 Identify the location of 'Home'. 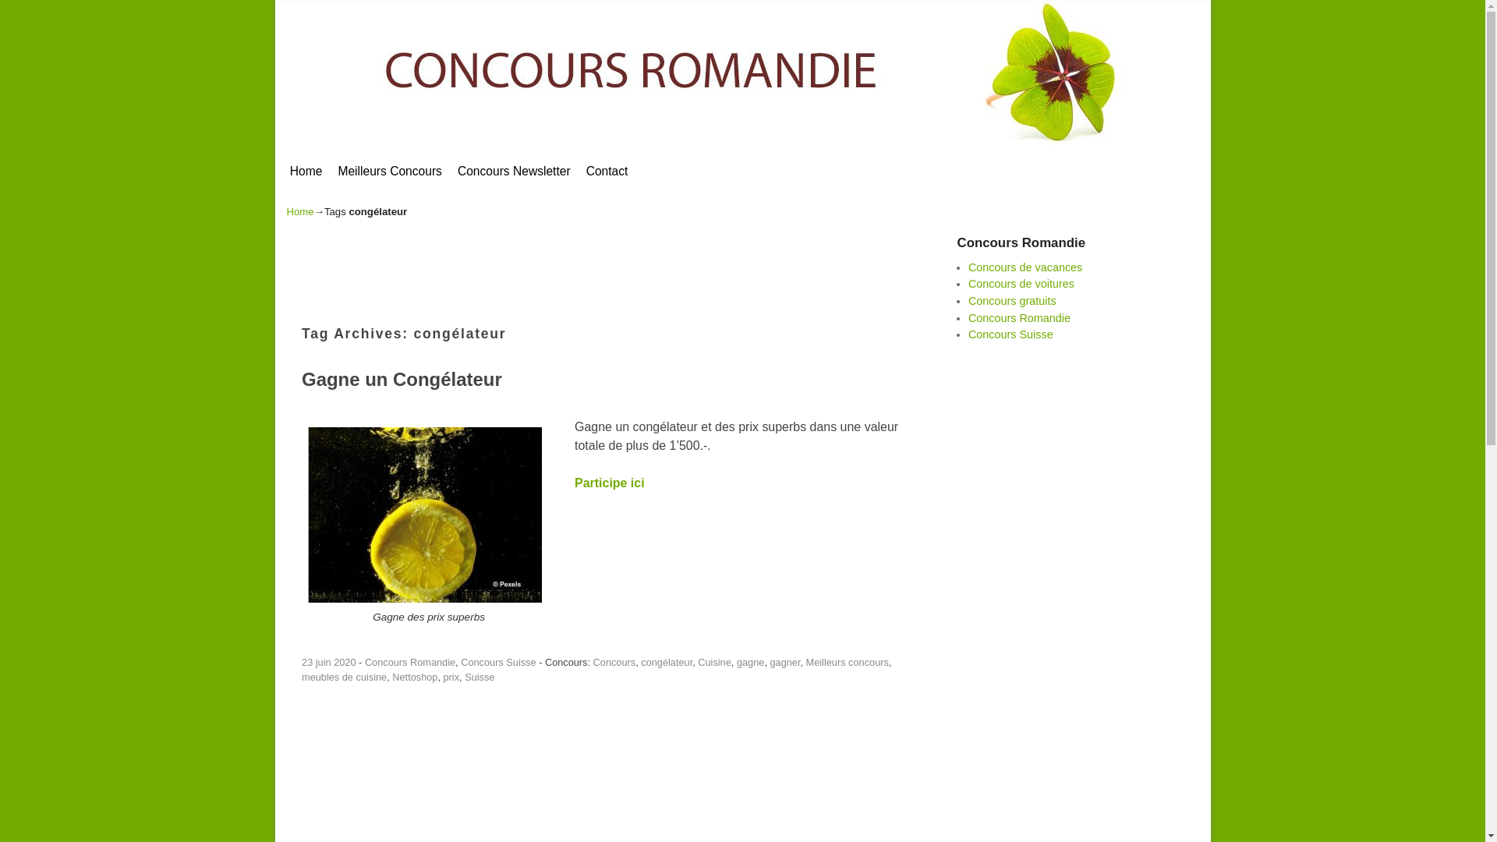
(300, 211).